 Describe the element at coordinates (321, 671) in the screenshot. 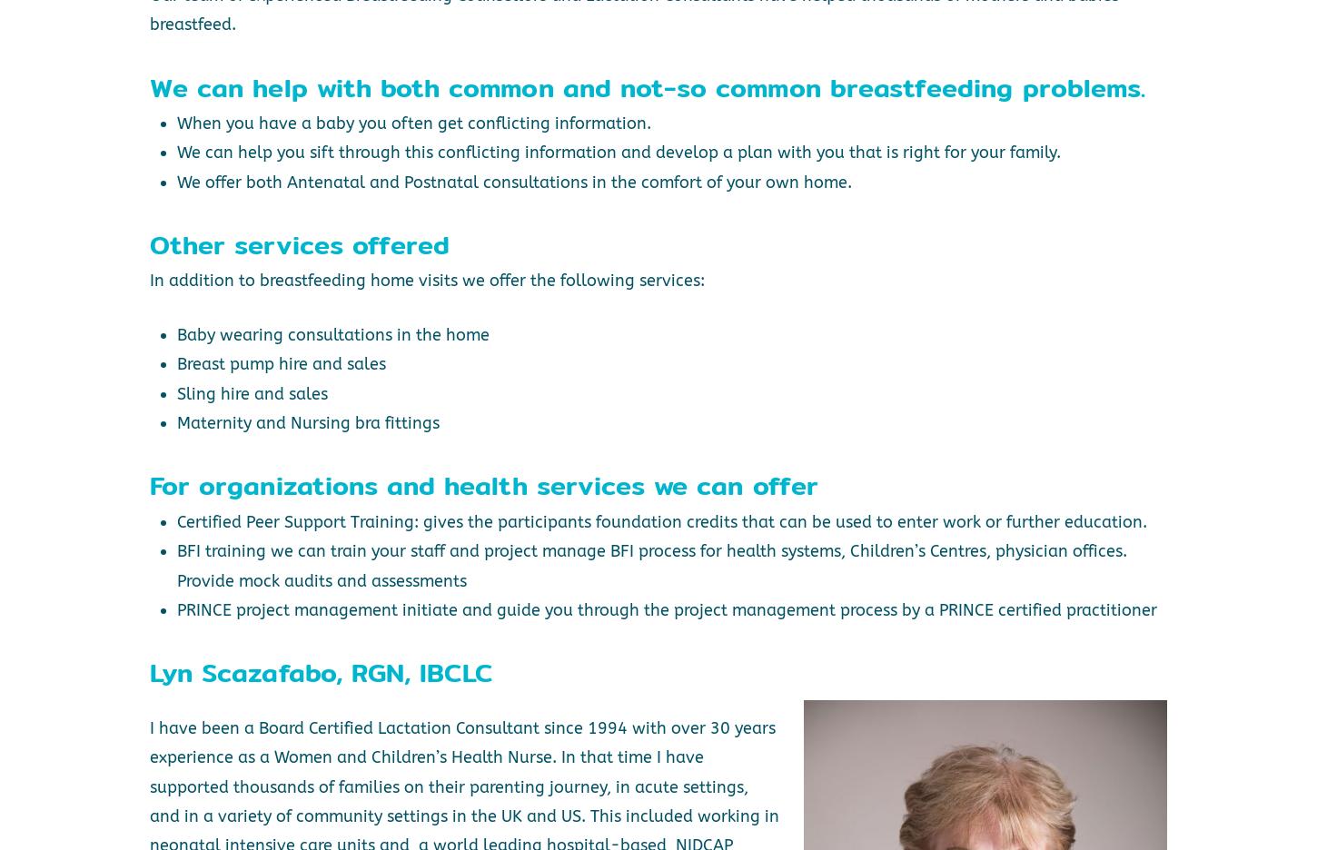

I see `'Lyn Scazafabo, RGN, IBCLC'` at that location.